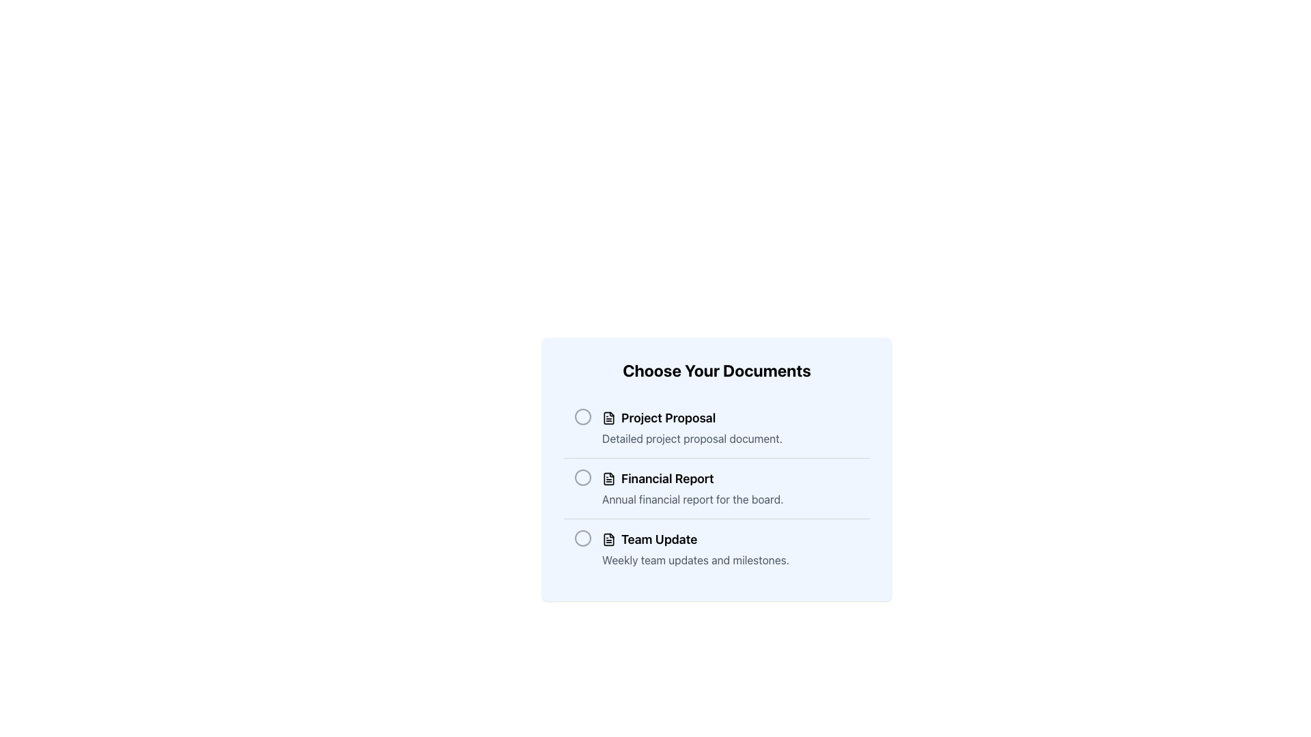 Image resolution: width=1311 pixels, height=737 pixels. What do you see at coordinates (583, 538) in the screenshot?
I see `to select the radio button styled as a circular UI component with a light gray border, located next to the text 'Team Update Weekly team updates and milestones'` at bounding box center [583, 538].